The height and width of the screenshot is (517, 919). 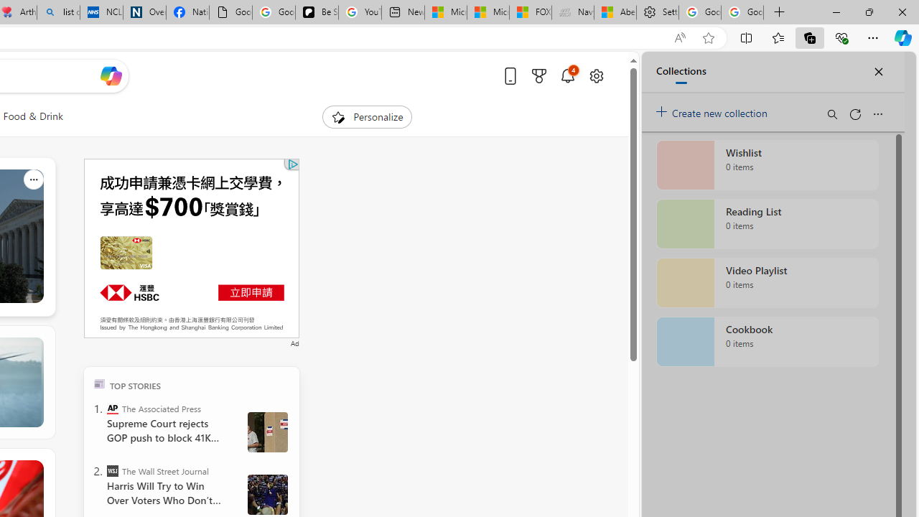 I want to click on 'Class: qc-adchoices-icon', so click(x=292, y=163).